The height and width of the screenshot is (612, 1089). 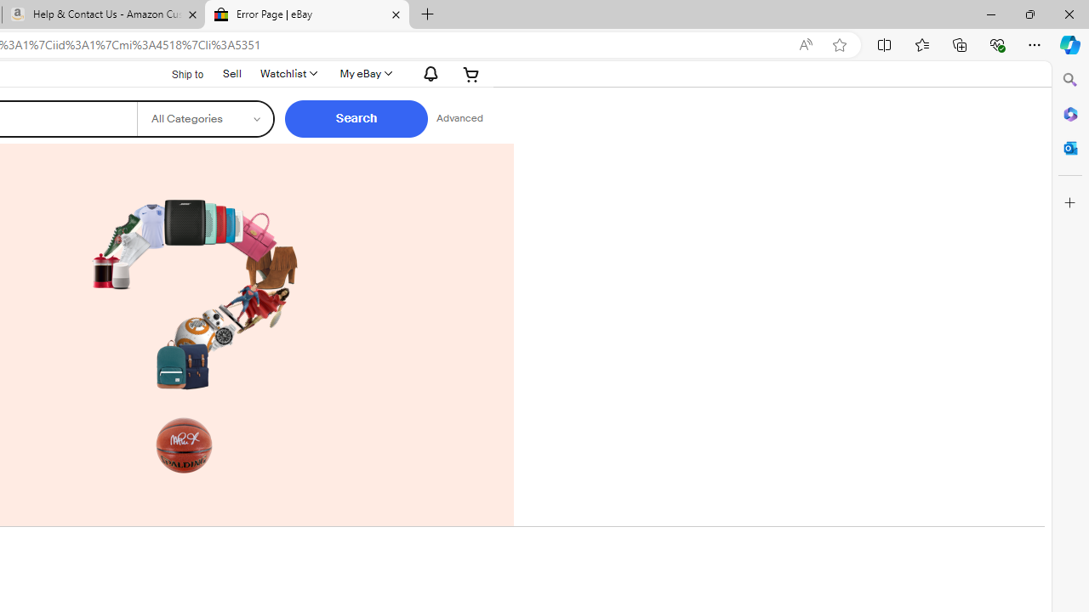 I want to click on 'Ship to', so click(x=177, y=72).